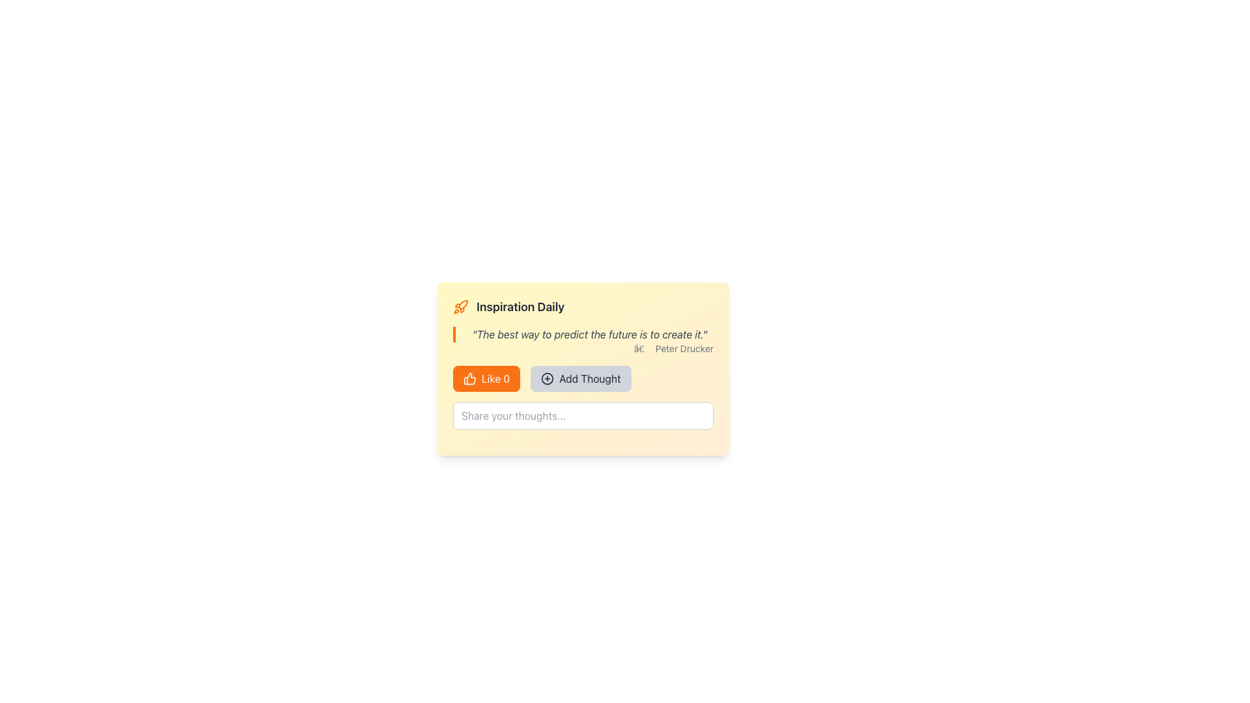  What do you see at coordinates (486, 379) in the screenshot?
I see `the 'Like' button located at the bottom section of the 'Inspiration Daily' card, positioned to the left of the 'Add Thought' button, to express approval or interest` at bounding box center [486, 379].